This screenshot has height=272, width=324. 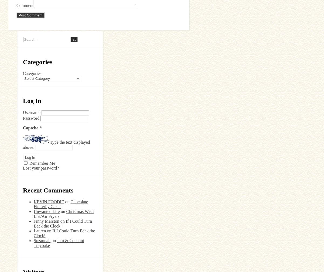 What do you see at coordinates (31, 112) in the screenshot?
I see `'Username'` at bounding box center [31, 112].